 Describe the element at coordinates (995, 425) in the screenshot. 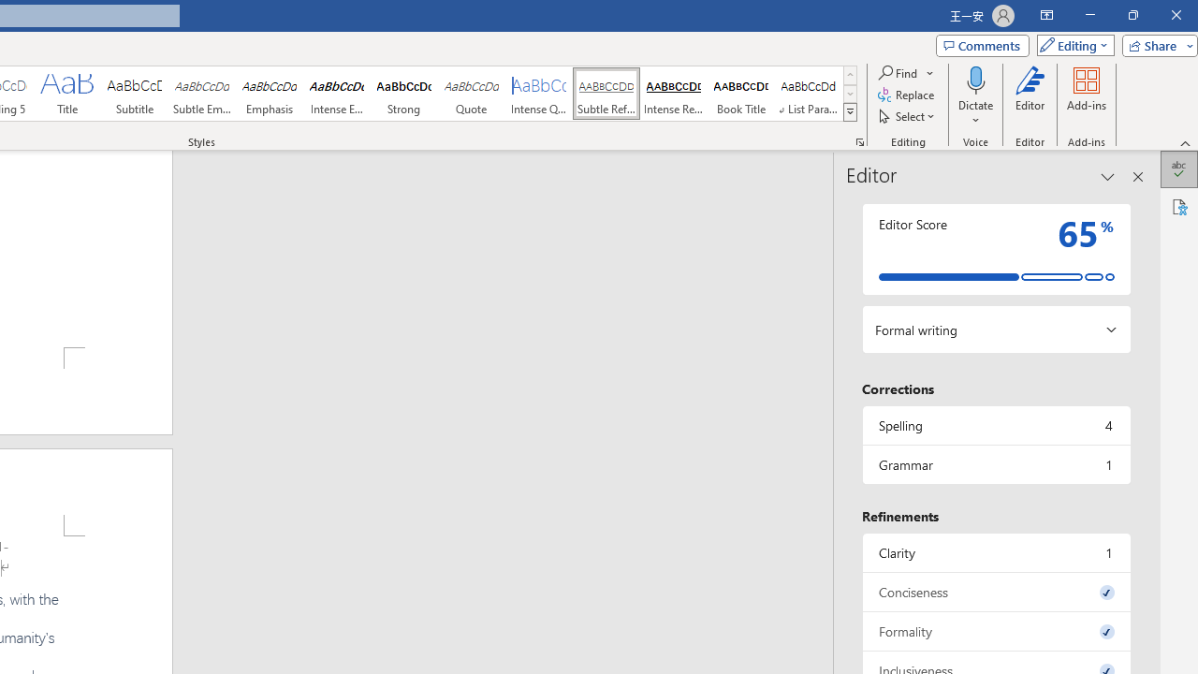

I see `'Spelling, 4 issues. Press space or enter to review items.'` at that location.